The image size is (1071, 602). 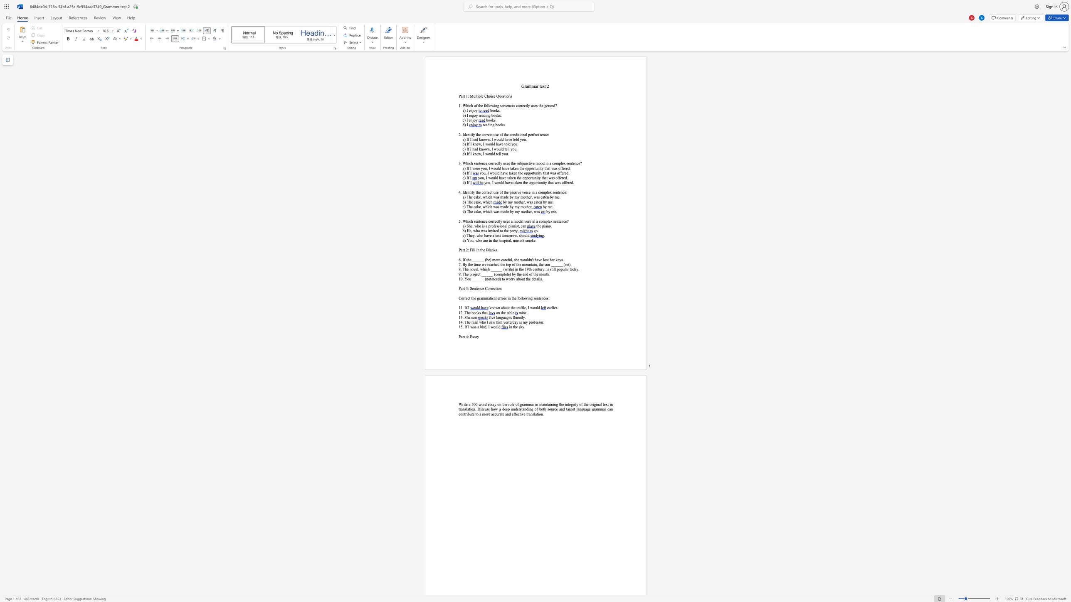 What do you see at coordinates (518, 298) in the screenshot?
I see `the space between the continuous character "f" and "o" in the text` at bounding box center [518, 298].